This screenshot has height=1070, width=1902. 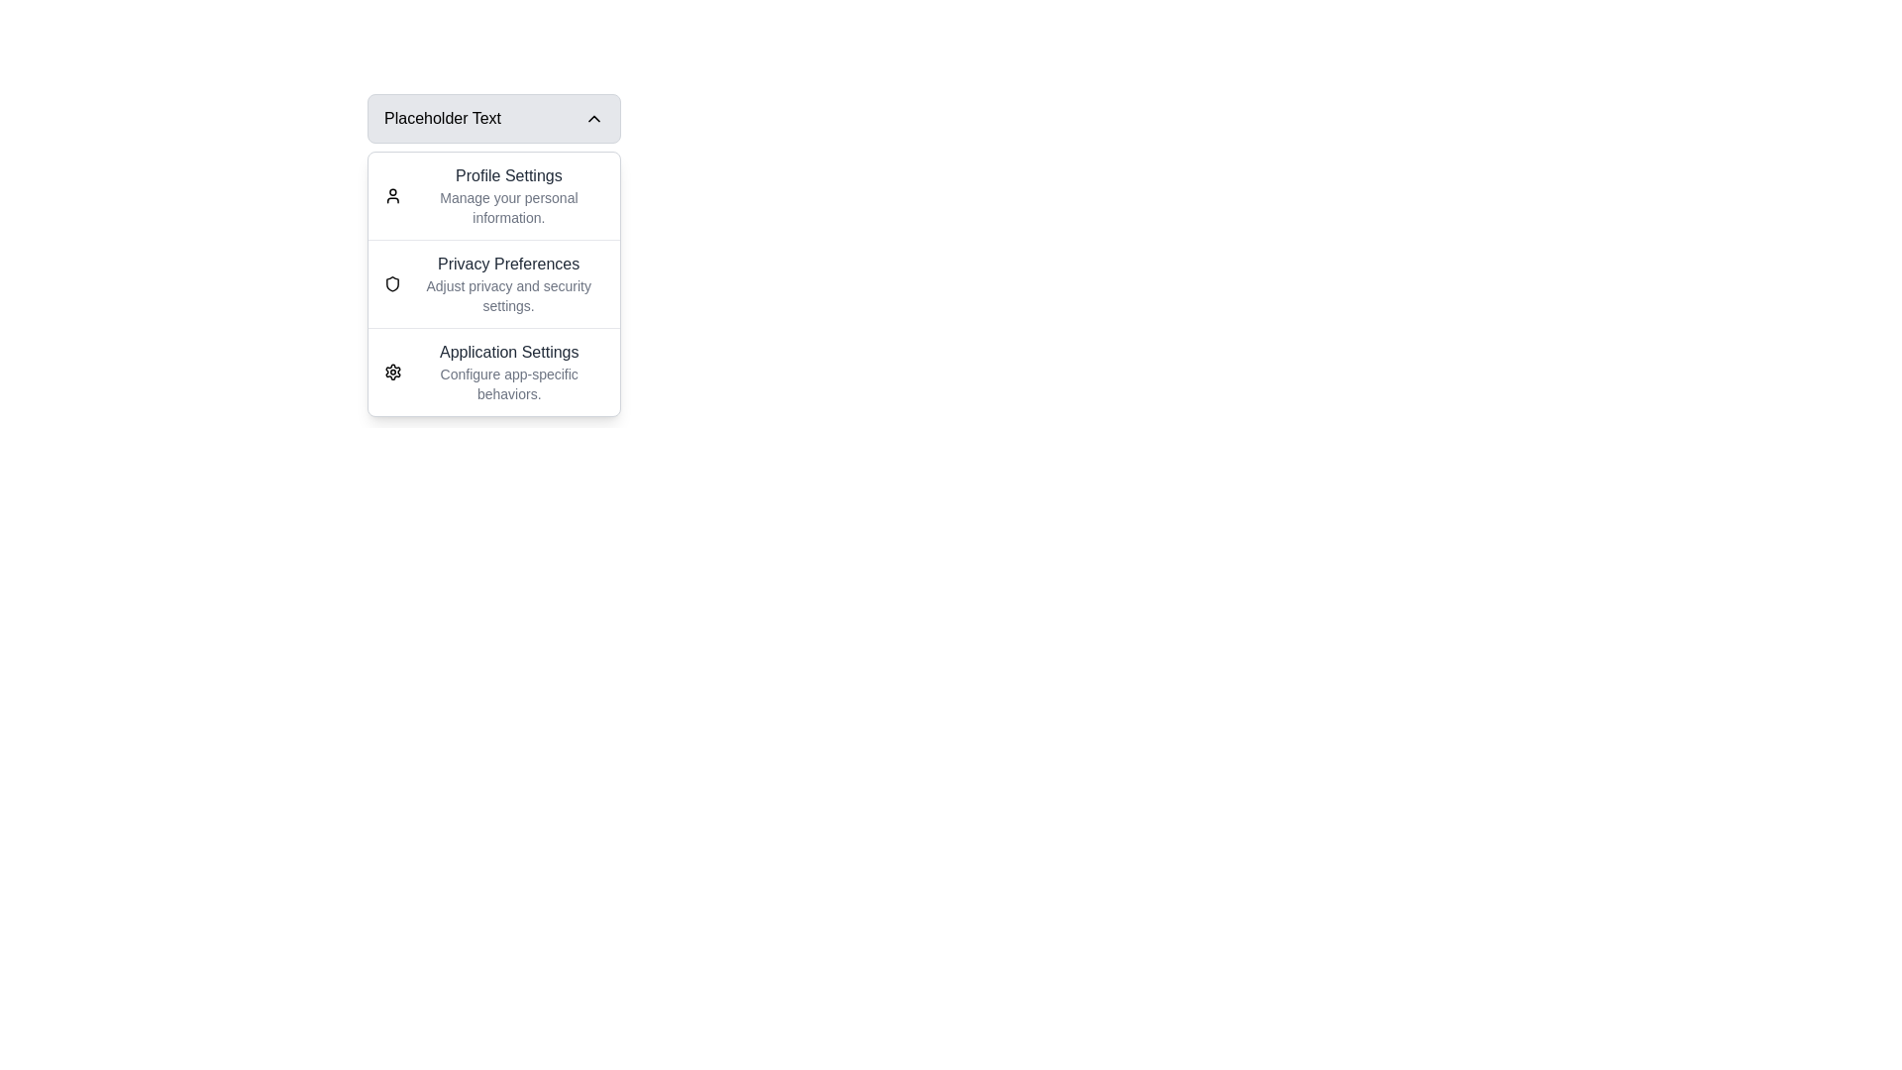 I want to click on the 'Privacy Preferences' icon, which is located to the left of the 'Privacy Preferences' text in the middle option of a vertical menu containing three options, so click(x=392, y=283).